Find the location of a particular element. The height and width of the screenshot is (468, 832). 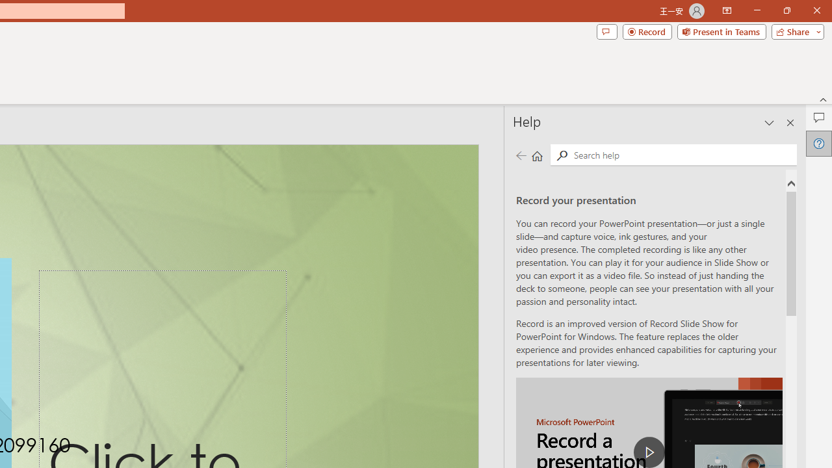

'Previous page' is located at coordinates (521, 155).